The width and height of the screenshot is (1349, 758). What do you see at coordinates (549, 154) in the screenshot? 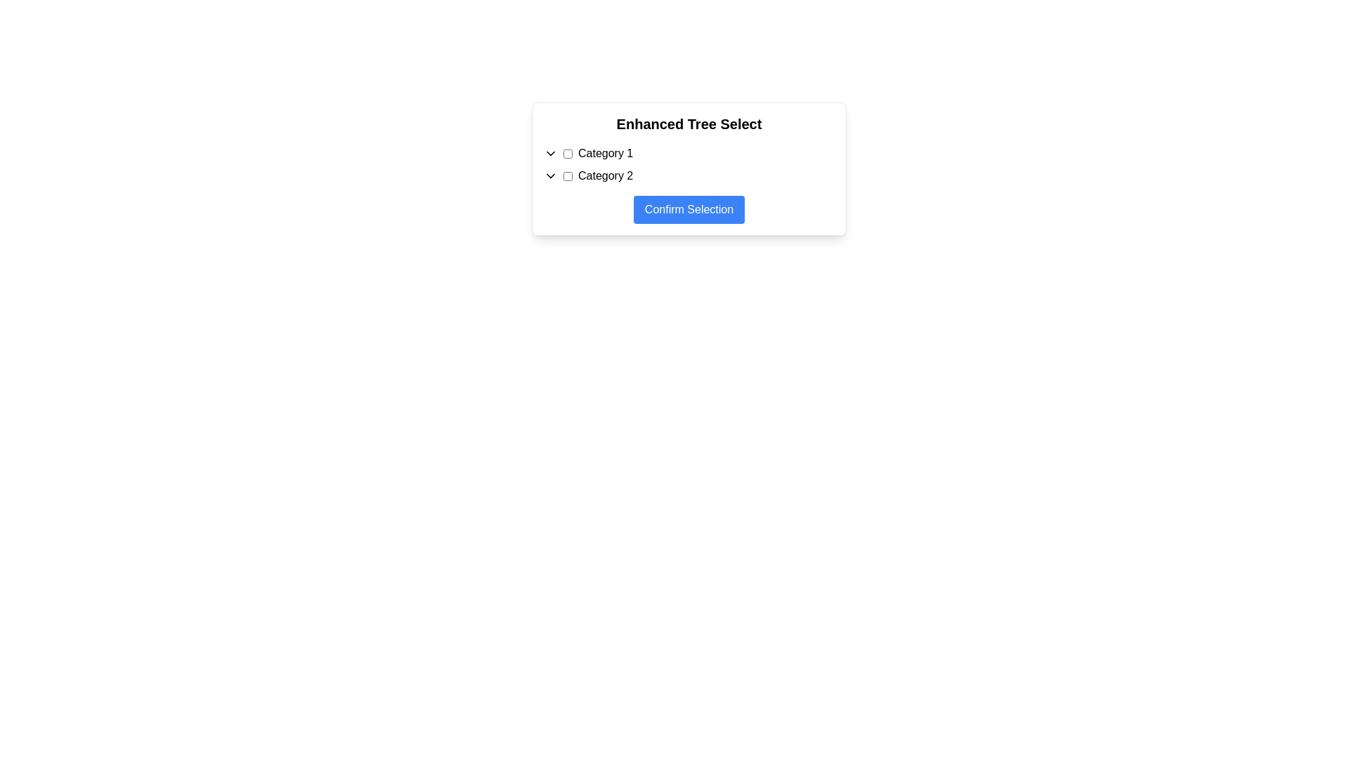
I see `the downward-pointing chevron icon located to the left of the text 'Category 1'` at bounding box center [549, 154].